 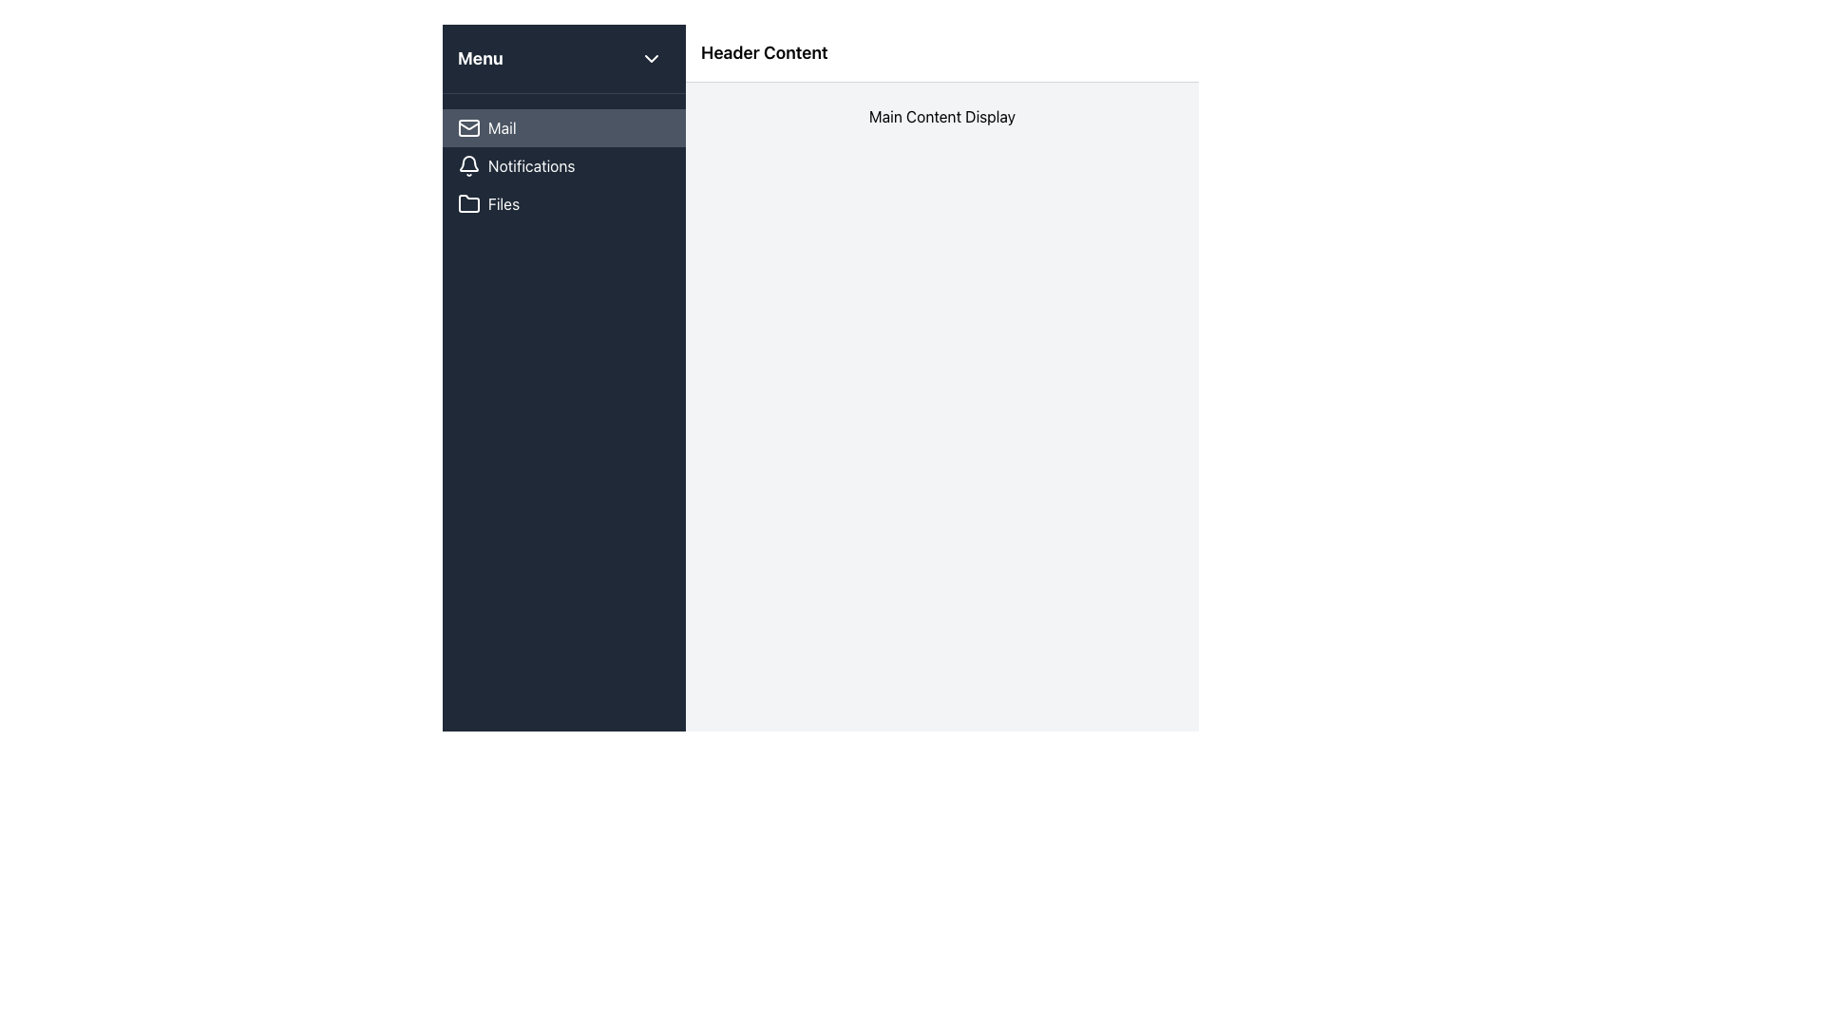 What do you see at coordinates (480, 57) in the screenshot?
I see `the static text label located at the top-left corner of the panel, which indicates the purpose or content of the surrounding section` at bounding box center [480, 57].